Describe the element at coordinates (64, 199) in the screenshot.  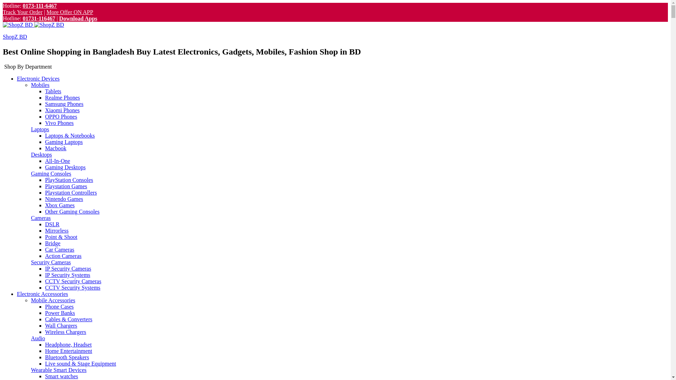
I see `'Nintendo Games'` at that location.